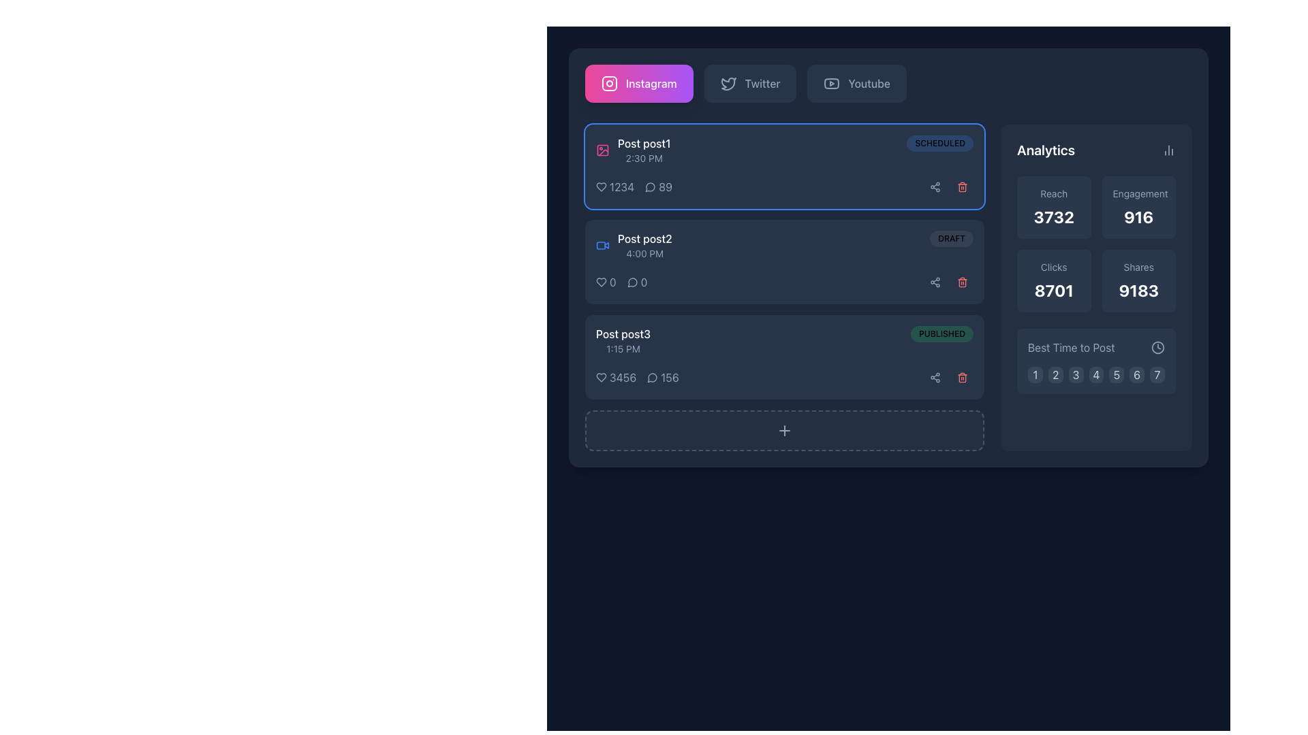  I want to click on the heart-shaped icon outlined with a line stroke, which is located to the left of the numerical label '1234' in the first post titled 'Post post1', so click(601, 186).